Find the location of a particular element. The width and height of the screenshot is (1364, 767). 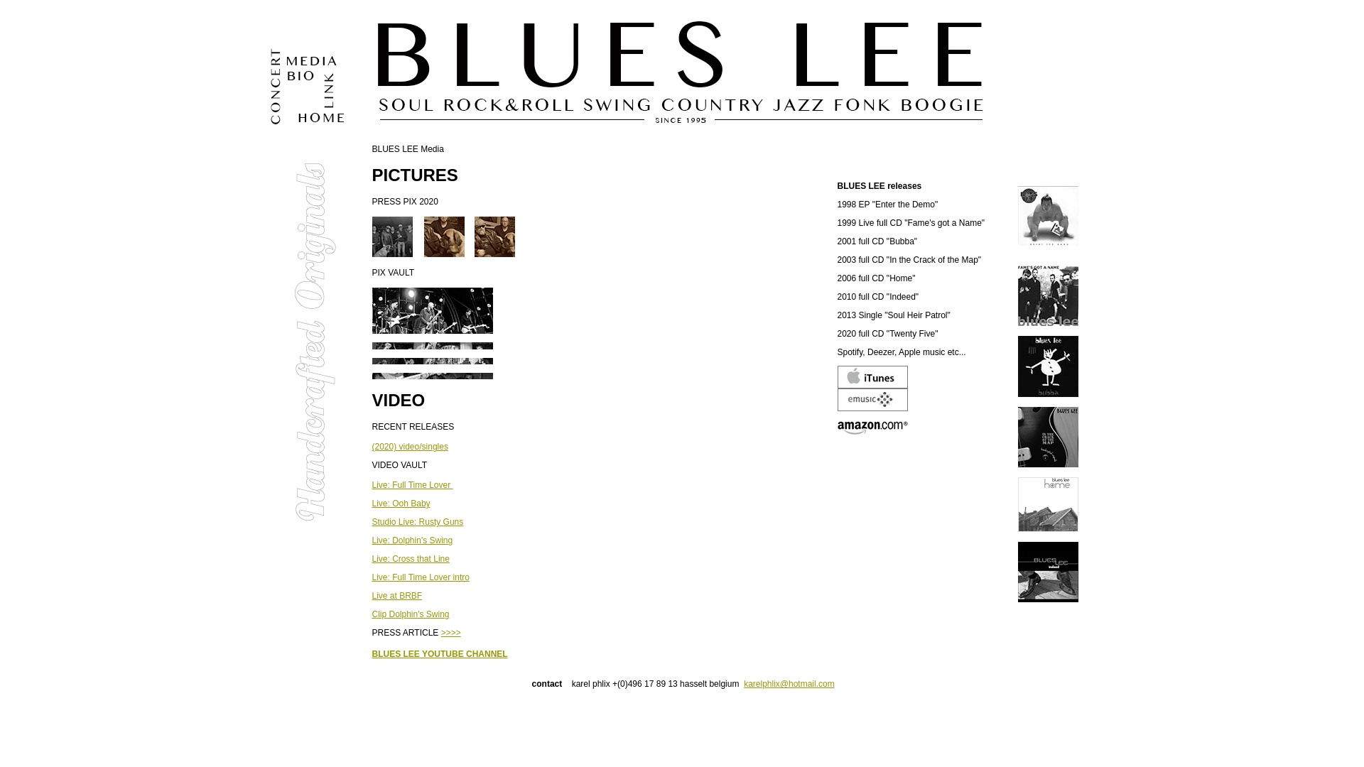

'karelphlix@hotmail.com' is located at coordinates (742, 683).